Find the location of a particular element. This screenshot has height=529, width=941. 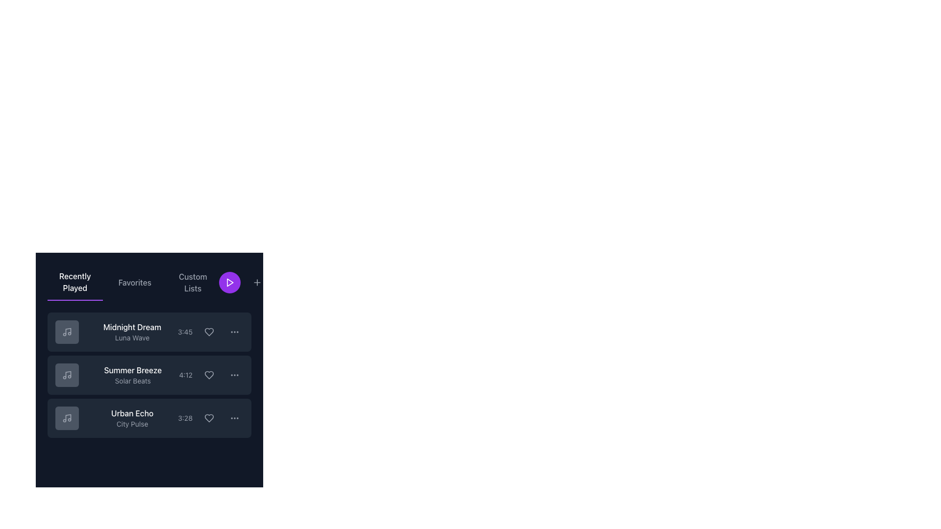

the '+' icon button located in the top-right section of the interface is located at coordinates (257, 283).